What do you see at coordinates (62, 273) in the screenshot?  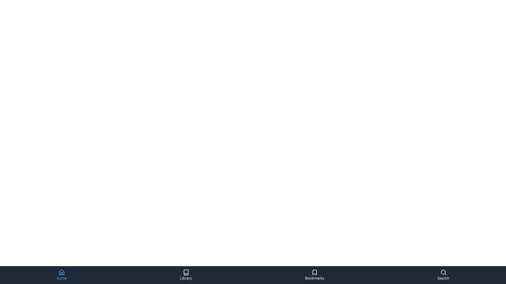 I see `the door icon within the 'Home' button located in the bottom navigation bar` at bounding box center [62, 273].